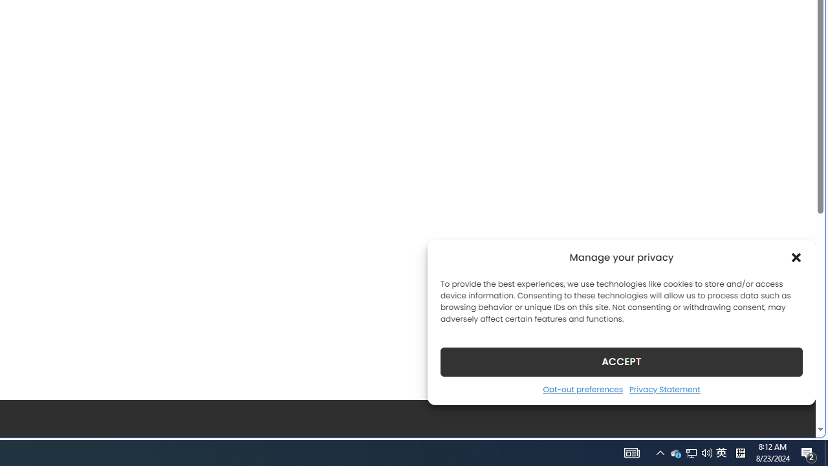 The image size is (828, 466). Describe the element at coordinates (622, 361) in the screenshot. I see `'ACCEPT'` at that location.